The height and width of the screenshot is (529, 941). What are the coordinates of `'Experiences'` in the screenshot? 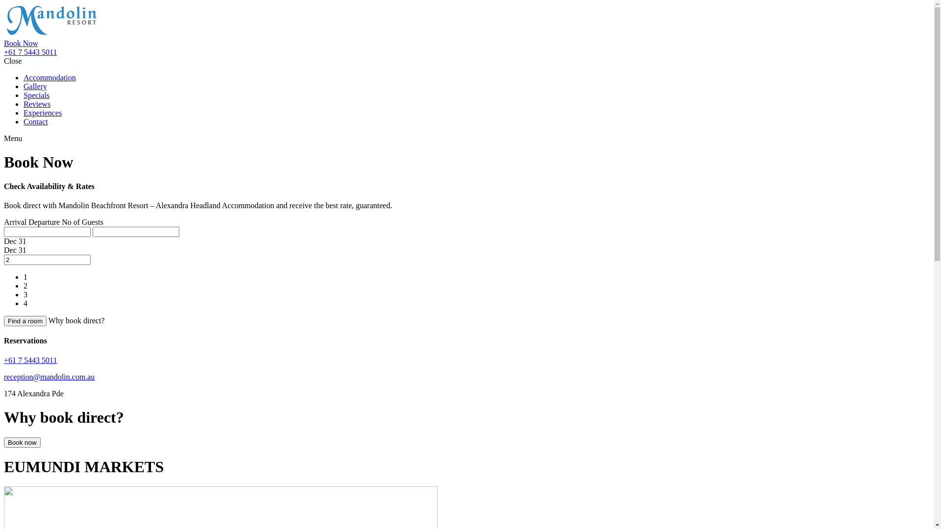 It's located at (42, 112).